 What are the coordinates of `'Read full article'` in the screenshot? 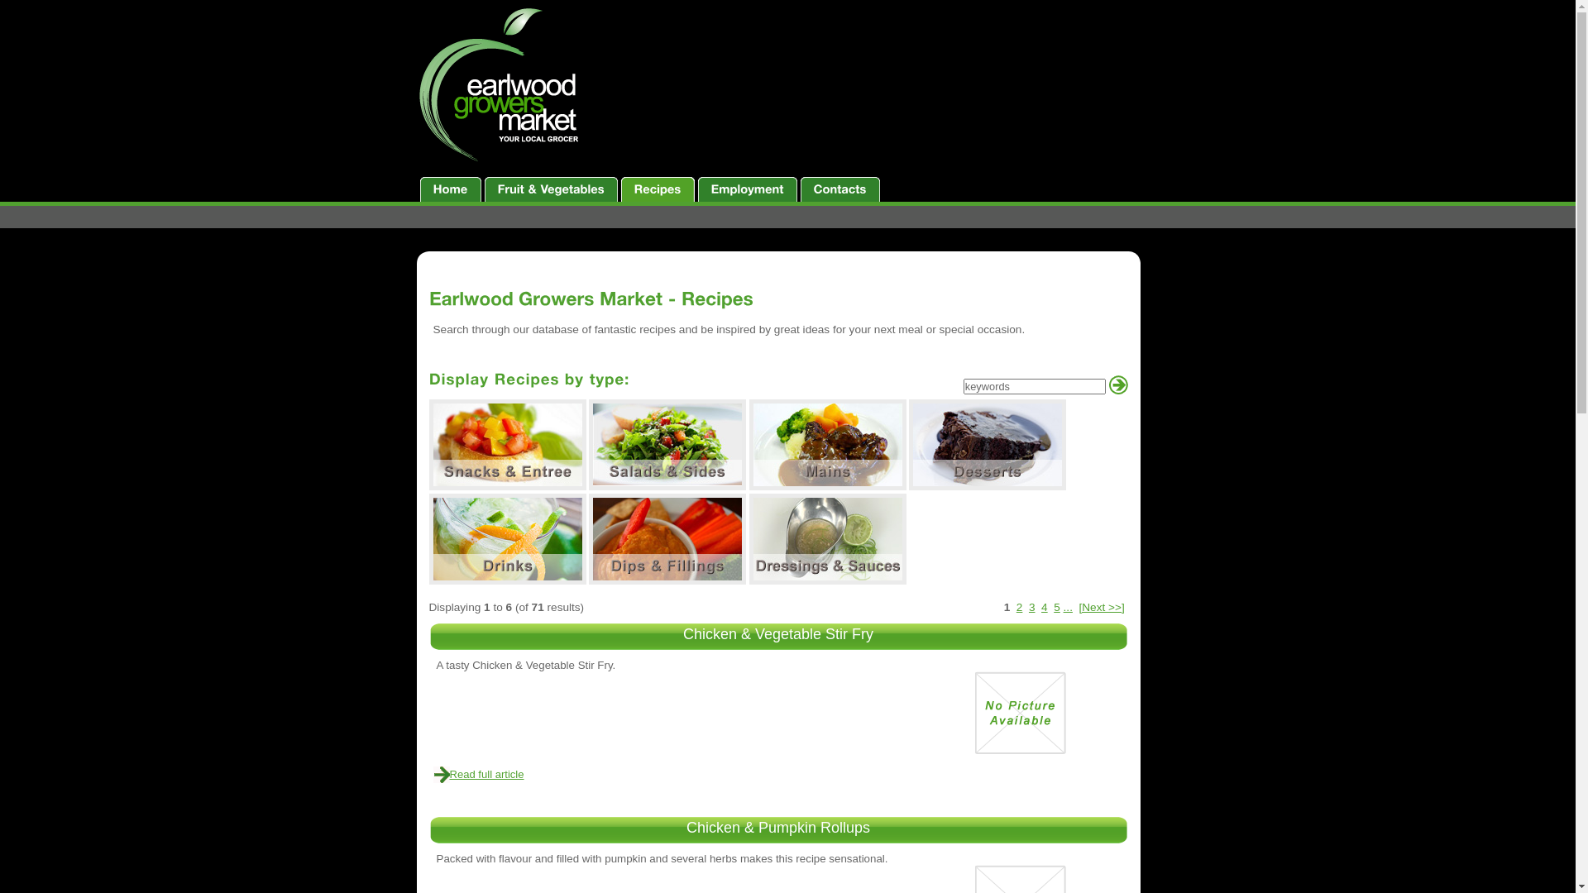 It's located at (486, 774).